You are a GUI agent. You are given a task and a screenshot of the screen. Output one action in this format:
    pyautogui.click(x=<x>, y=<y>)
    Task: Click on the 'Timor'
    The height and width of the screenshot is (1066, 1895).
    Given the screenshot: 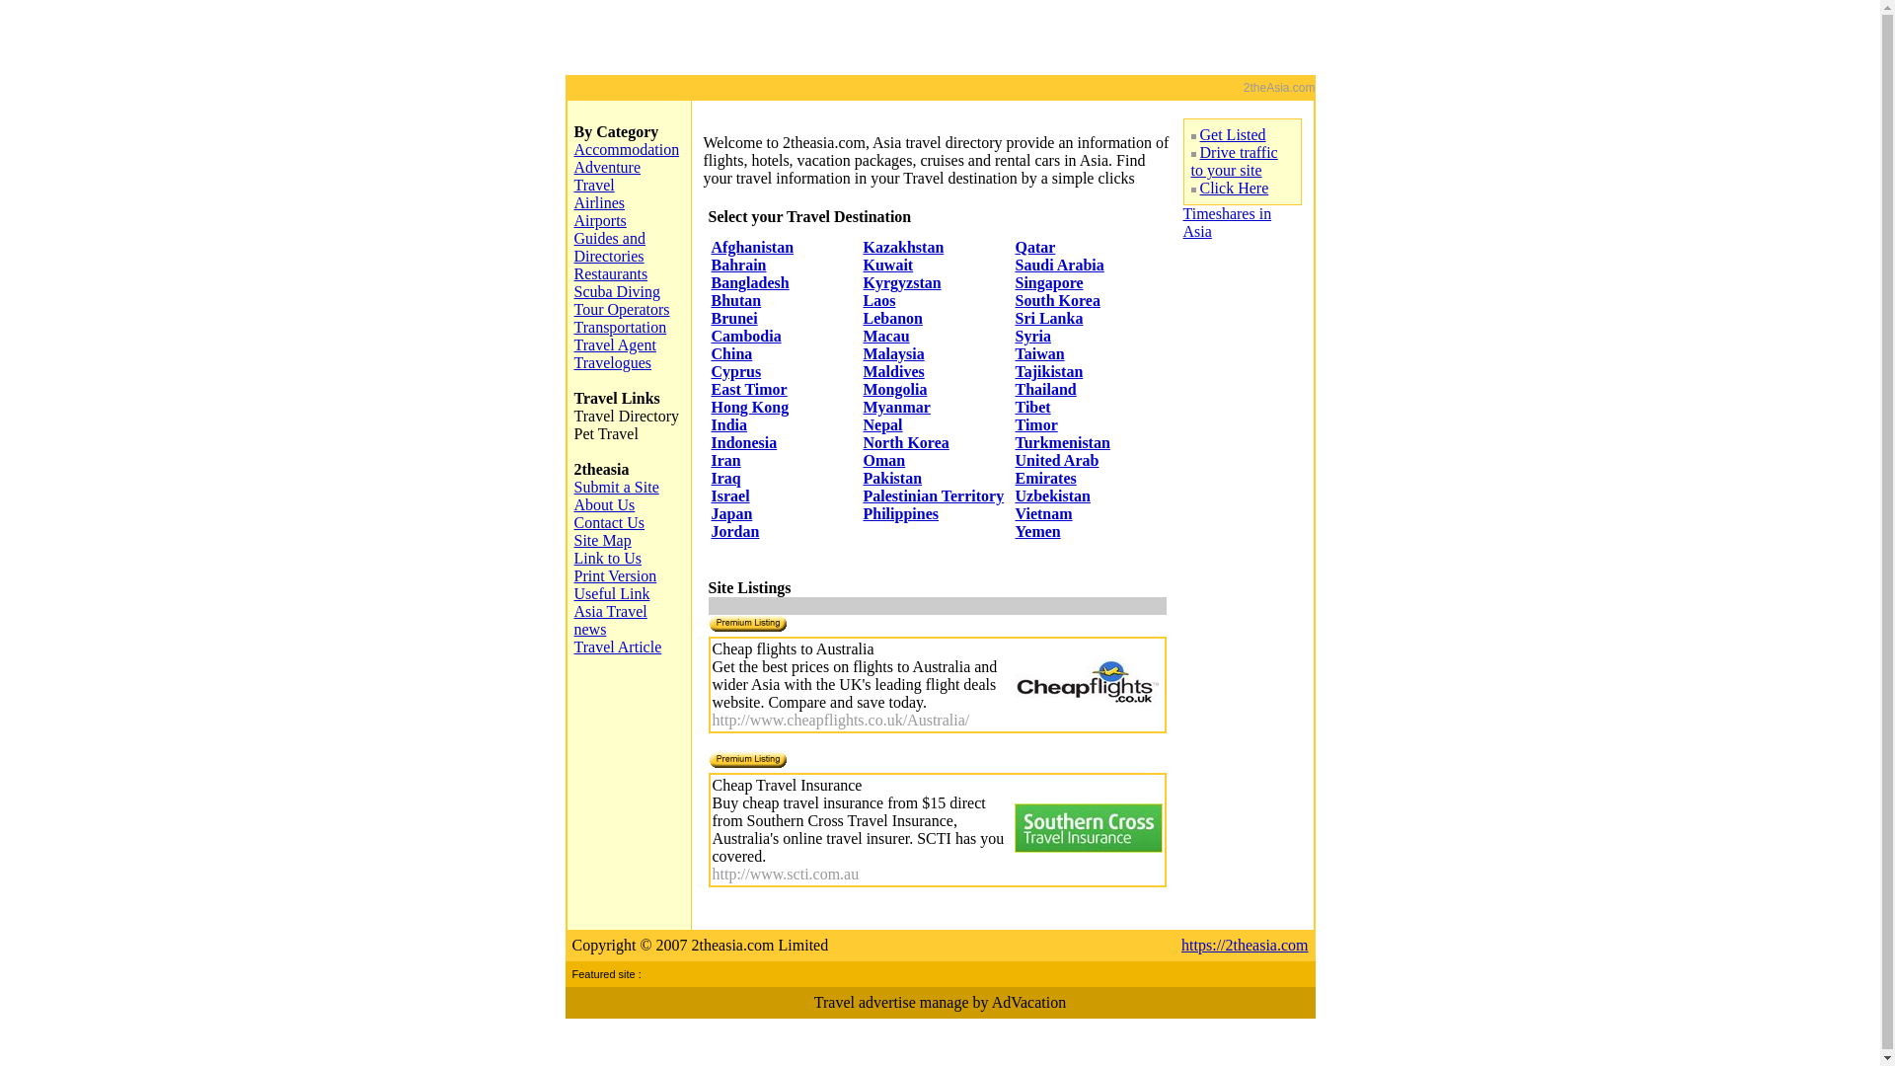 What is the action you would take?
    pyautogui.click(x=1014, y=423)
    